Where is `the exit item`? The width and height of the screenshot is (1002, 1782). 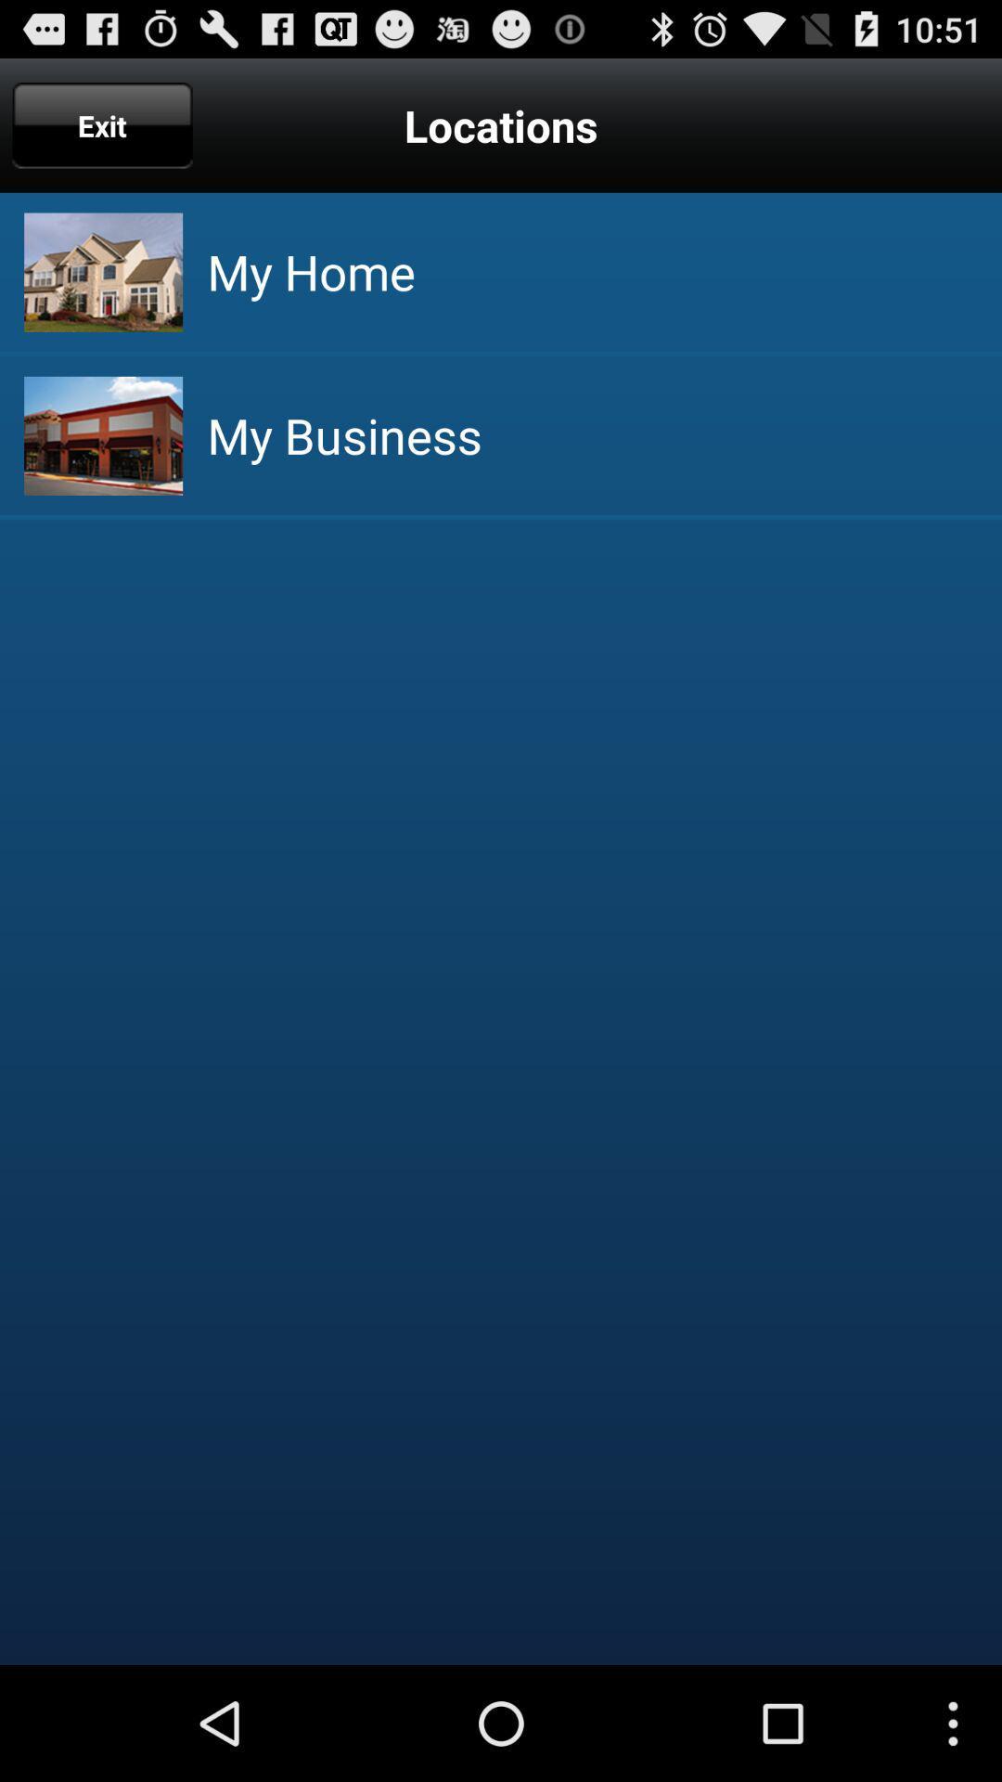
the exit item is located at coordinates (102, 124).